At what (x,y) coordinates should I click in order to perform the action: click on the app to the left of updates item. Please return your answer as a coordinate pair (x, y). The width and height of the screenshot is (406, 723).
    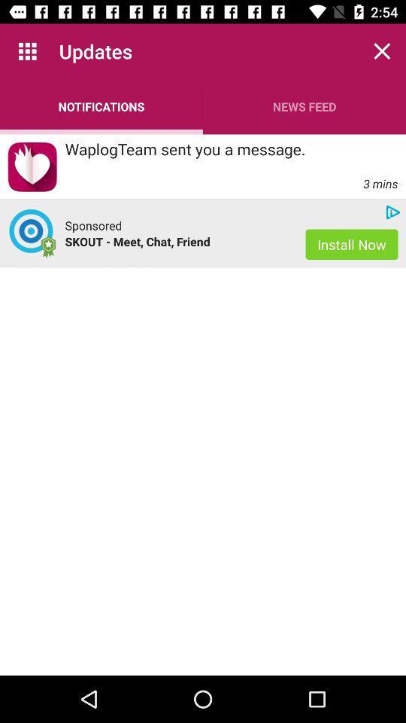
    Looking at the image, I should click on (27, 51).